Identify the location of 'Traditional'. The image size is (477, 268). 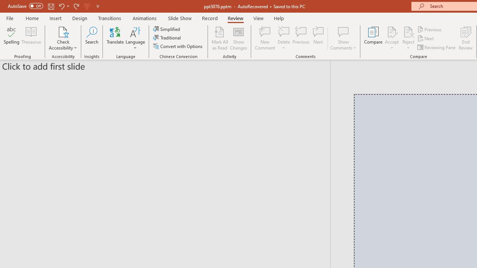
(167, 38).